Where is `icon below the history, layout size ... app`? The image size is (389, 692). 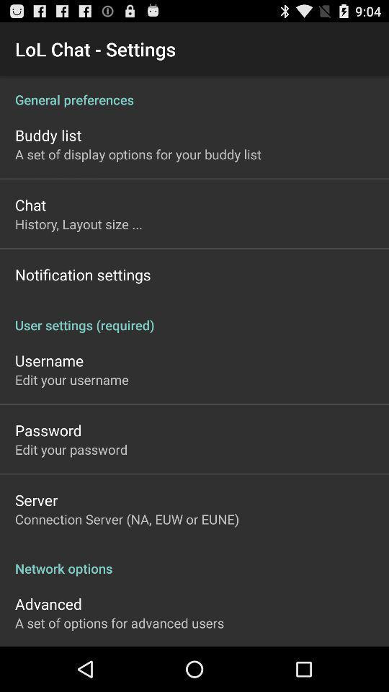
icon below the history, layout size ... app is located at coordinates (83, 274).